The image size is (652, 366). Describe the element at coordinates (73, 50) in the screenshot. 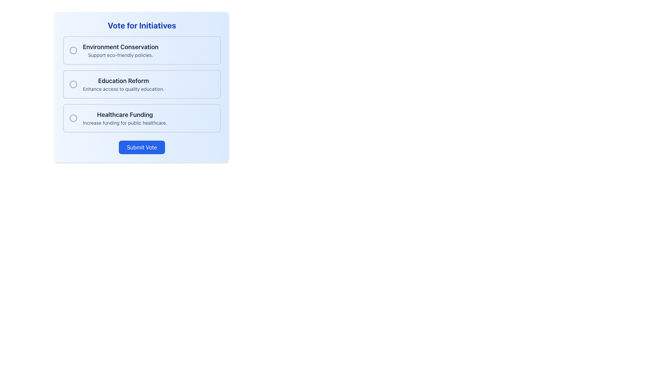

I see `the circular radio button styled as an empty circle with a gray border located to the left of the text 'Environment Conservation'` at that location.